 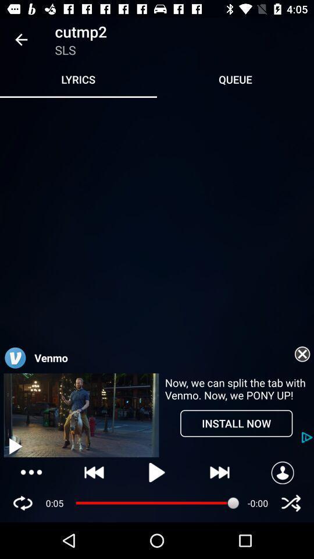 I want to click on the close icon, so click(x=290, y=503).